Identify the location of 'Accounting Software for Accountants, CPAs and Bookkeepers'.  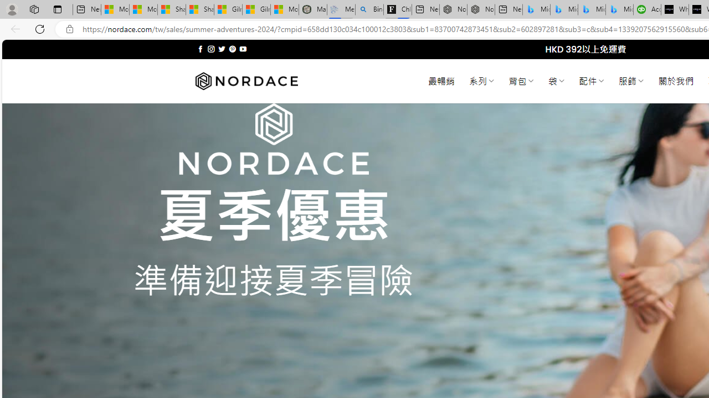
(647, 9).